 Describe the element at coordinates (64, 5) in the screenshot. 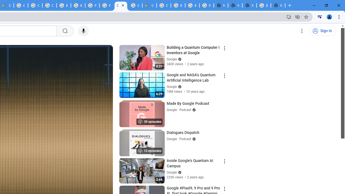

I see `'Browse Chrome as a guest - Computer - Google Chrome Help'` at that location.